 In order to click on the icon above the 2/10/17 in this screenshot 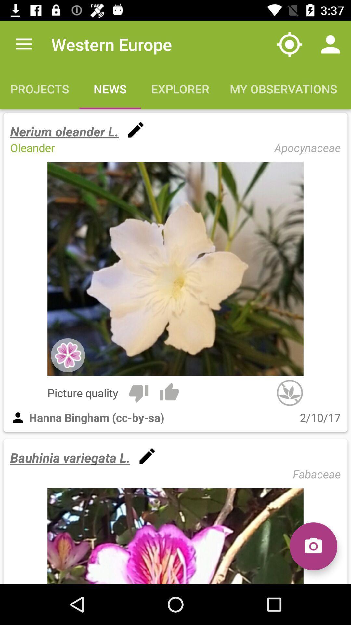, I will do `click(289, 392)`.